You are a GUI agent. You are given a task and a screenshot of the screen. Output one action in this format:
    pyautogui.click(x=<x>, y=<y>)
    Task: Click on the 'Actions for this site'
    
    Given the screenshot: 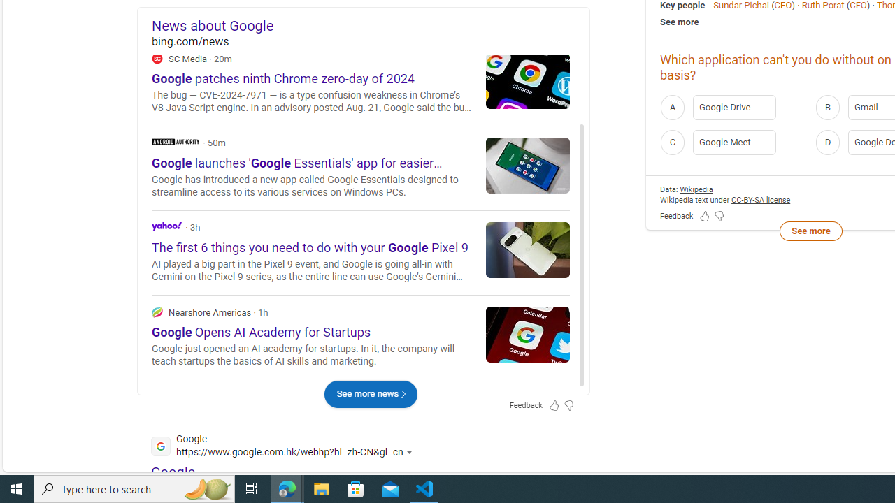 What is the action you would take?
    pyautogui.click(x=410, y=452)
    